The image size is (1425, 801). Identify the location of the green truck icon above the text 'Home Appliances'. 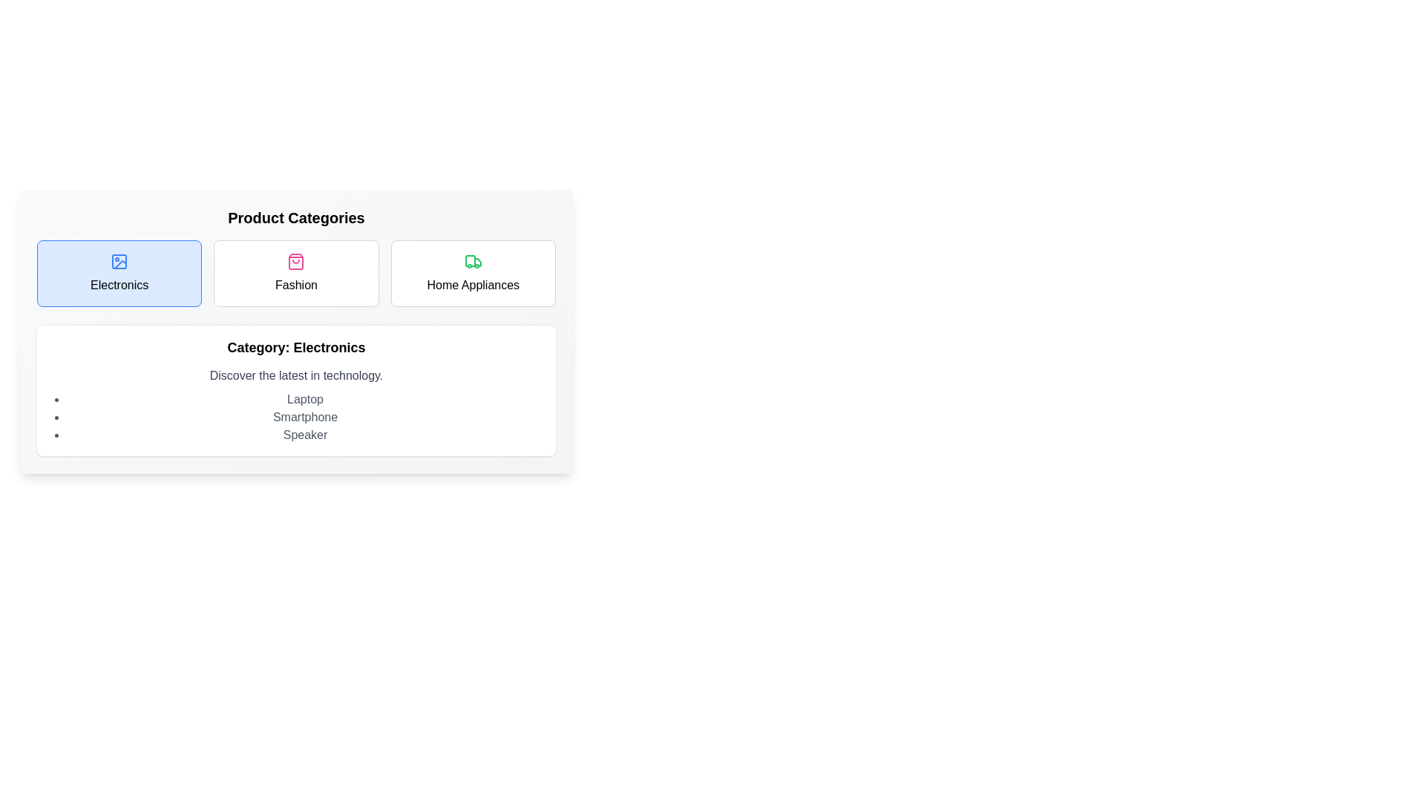
(472, 261).